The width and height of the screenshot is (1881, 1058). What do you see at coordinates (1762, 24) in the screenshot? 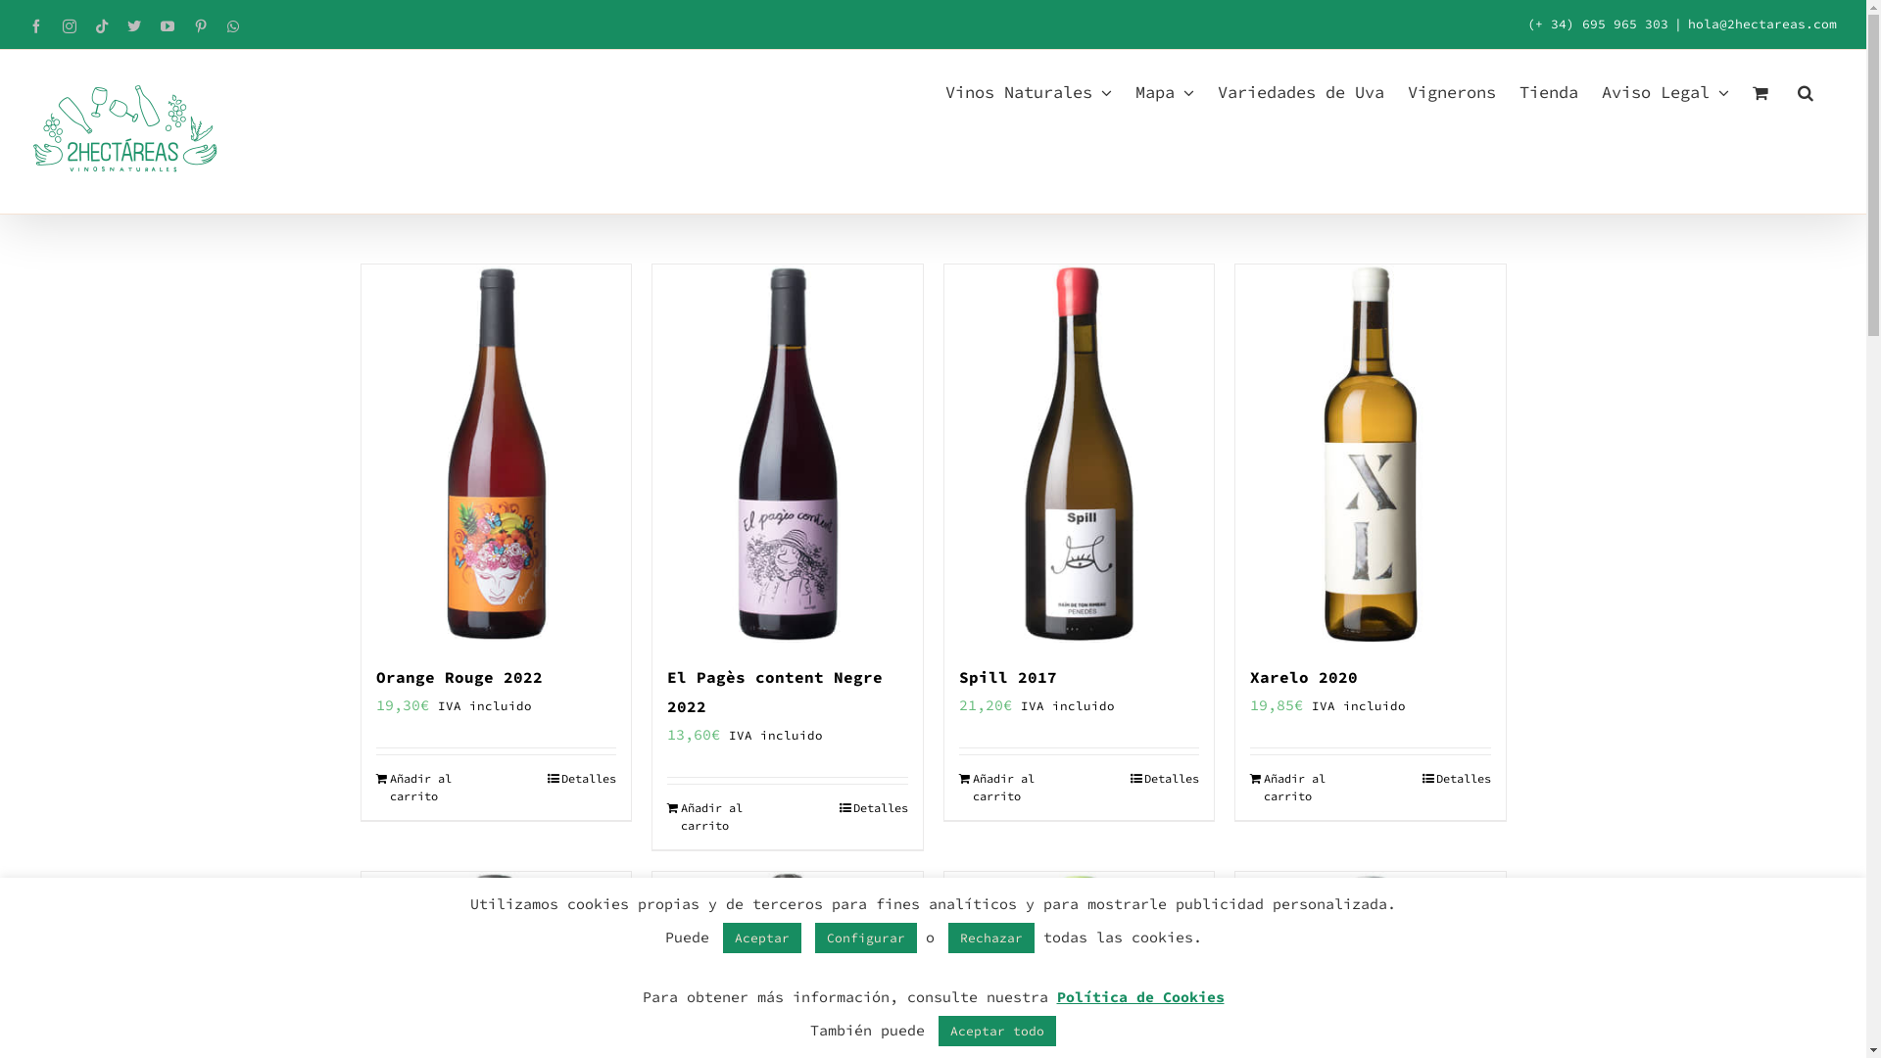
I see `'hola@2hectareas.com'` at bounding box center [1762, 24].